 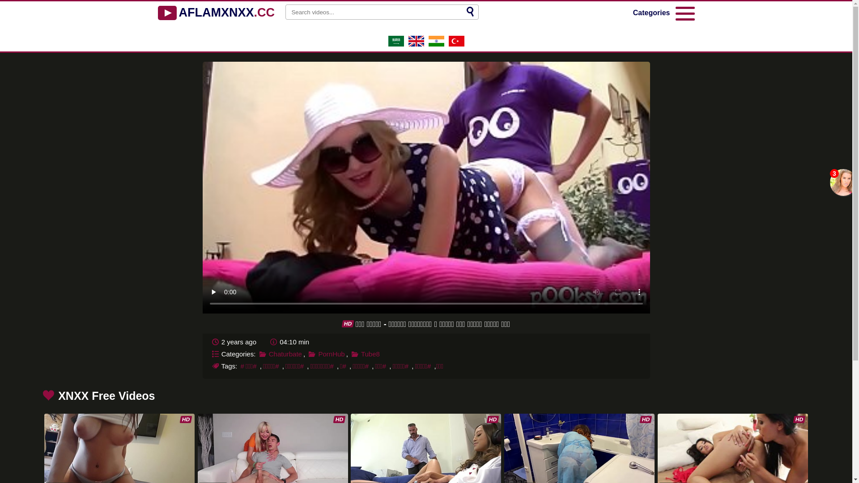 What do you see at coordinates (365, 353) in the screenshot?
I see `'Tube8'` at bounding box center [365, 353].